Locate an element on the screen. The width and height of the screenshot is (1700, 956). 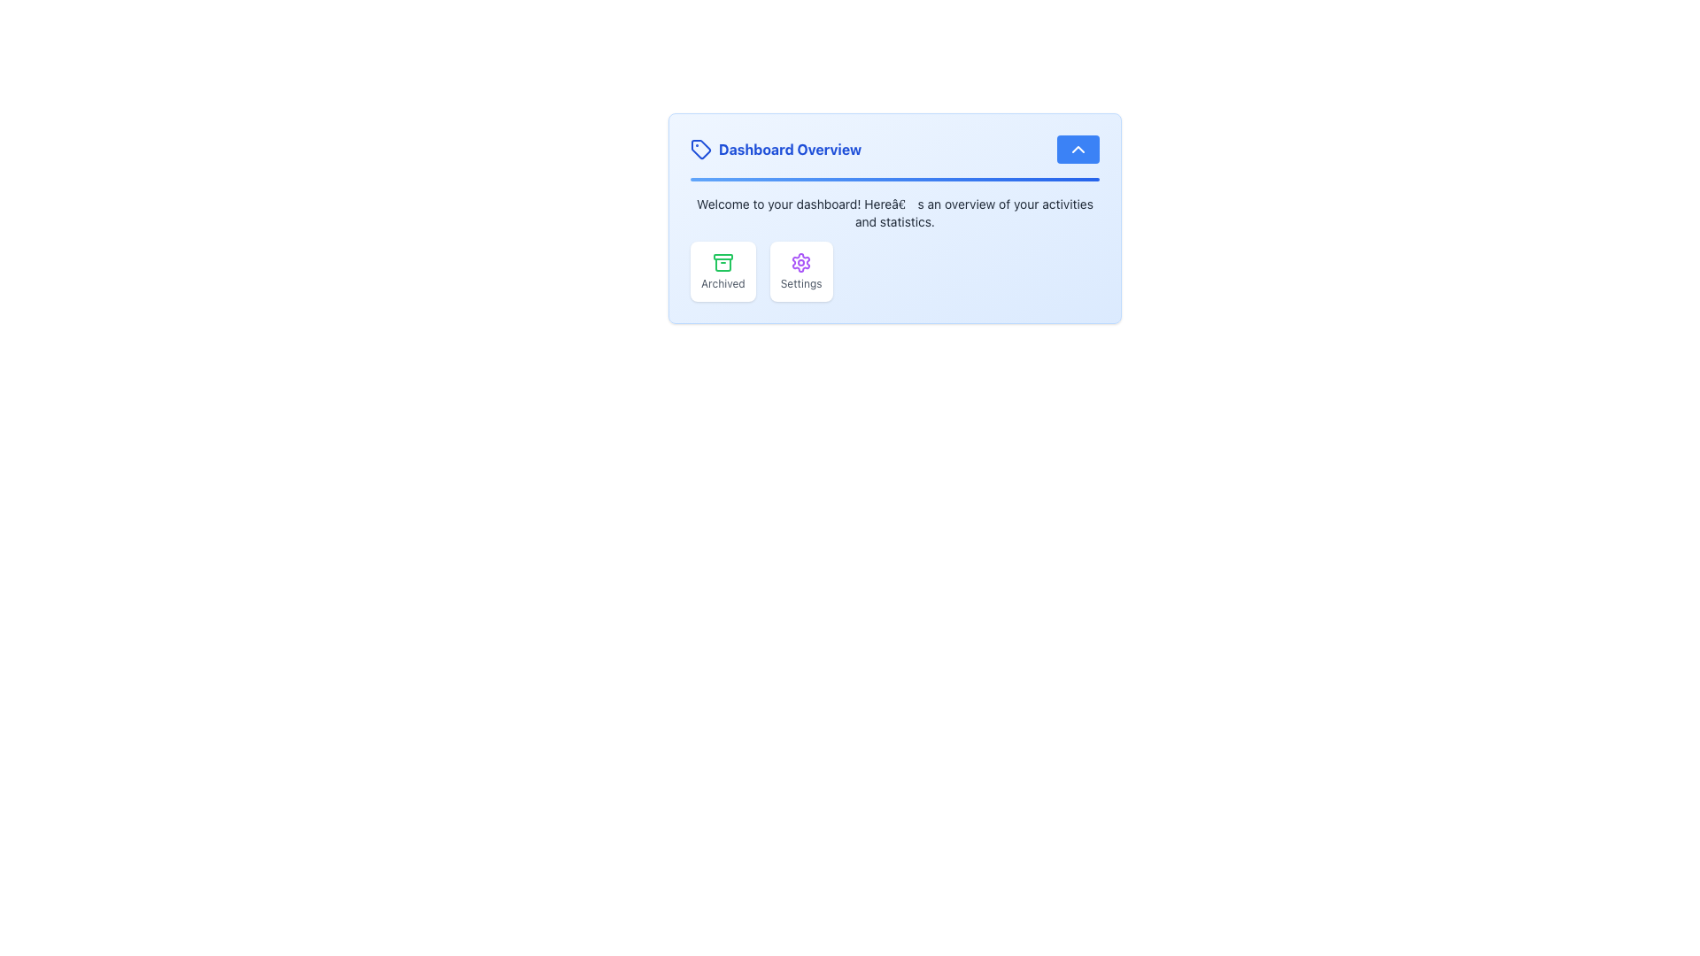
the settings icon located in the center of the 'Settings' section, positioned directly above the text labeled 'Settings' is located at coordinates (800, 263).